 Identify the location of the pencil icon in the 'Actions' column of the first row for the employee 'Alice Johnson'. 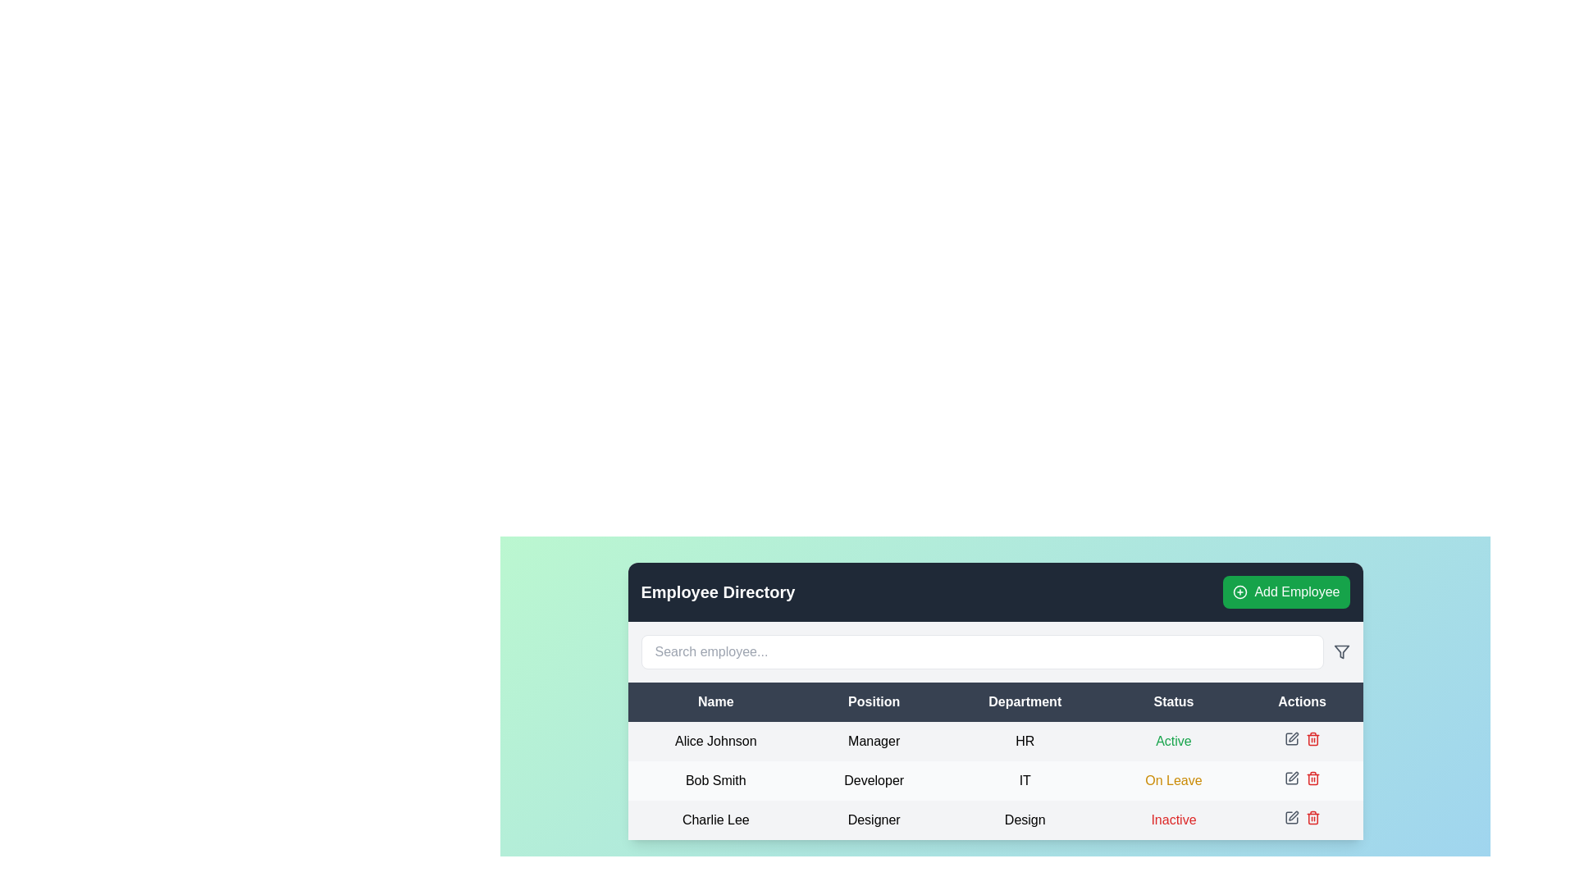
(1301, 739).